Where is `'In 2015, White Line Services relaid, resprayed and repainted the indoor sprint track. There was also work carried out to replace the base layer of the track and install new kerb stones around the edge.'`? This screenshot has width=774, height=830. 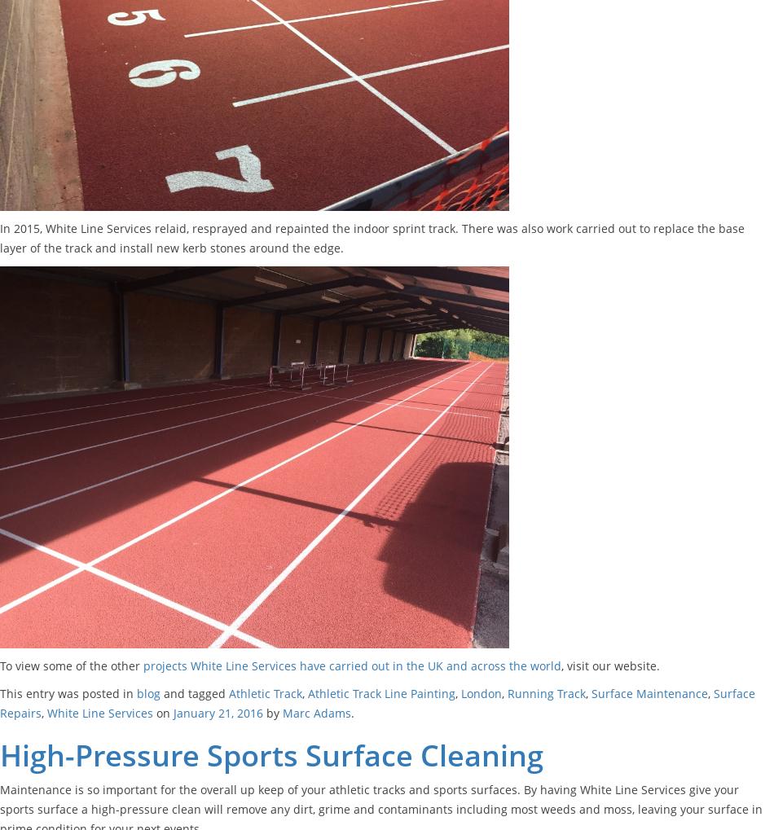 'In 2015, White Line Services relaid, resprayed and repainted the indoor sprint track. There was also work carried out to replace the base layer of the track and install new kerb stones around the edge.' is located at coordinates (372, 237).